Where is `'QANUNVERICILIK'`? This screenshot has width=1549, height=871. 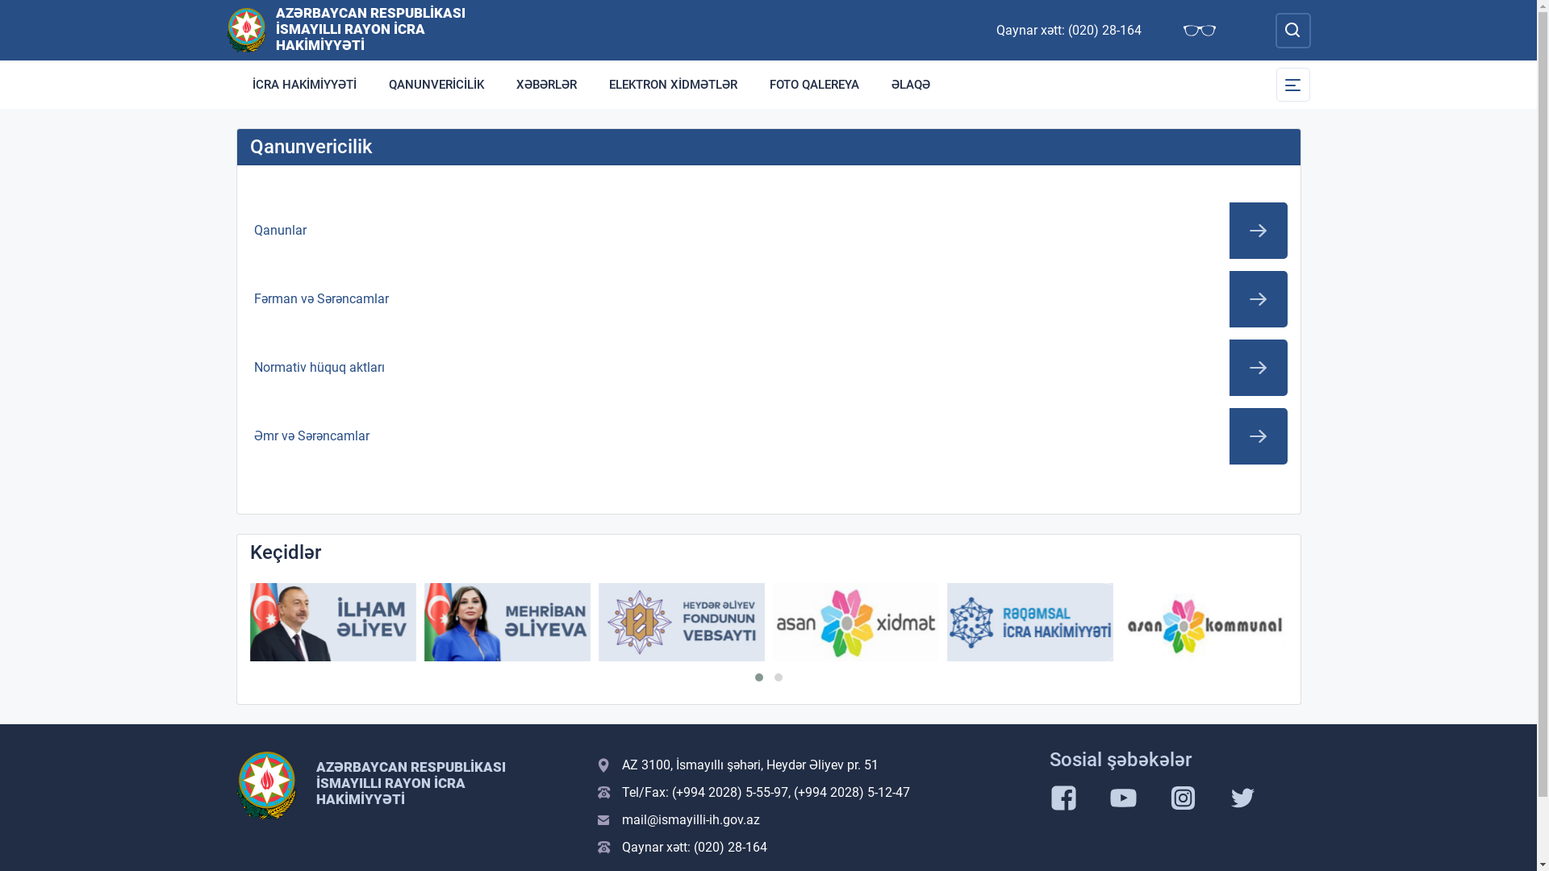 'QANUNVERICILIK' is located at coordinates (436, 84).